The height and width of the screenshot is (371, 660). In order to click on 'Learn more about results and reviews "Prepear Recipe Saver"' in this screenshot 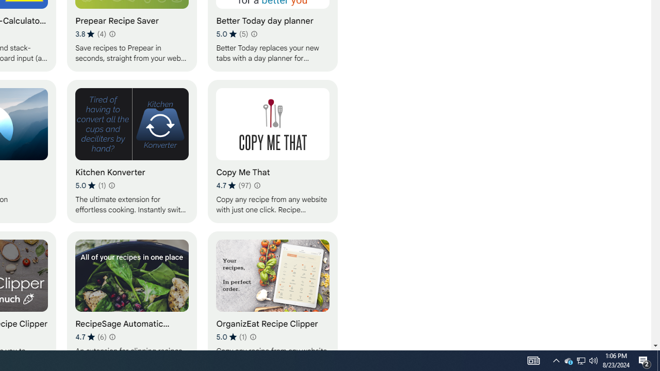, I will do `click(111, 33)`.